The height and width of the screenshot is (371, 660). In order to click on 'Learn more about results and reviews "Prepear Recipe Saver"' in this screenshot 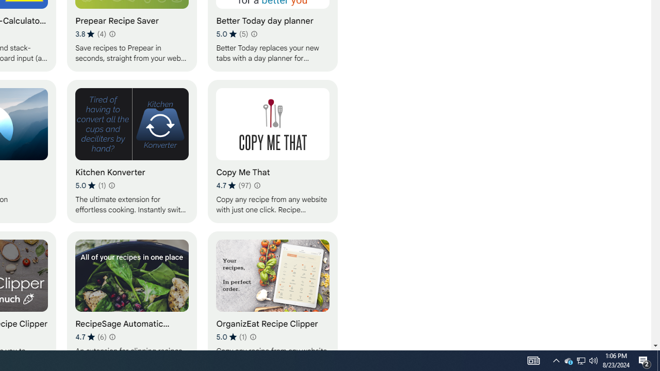, I will do `click(111, 33)`.